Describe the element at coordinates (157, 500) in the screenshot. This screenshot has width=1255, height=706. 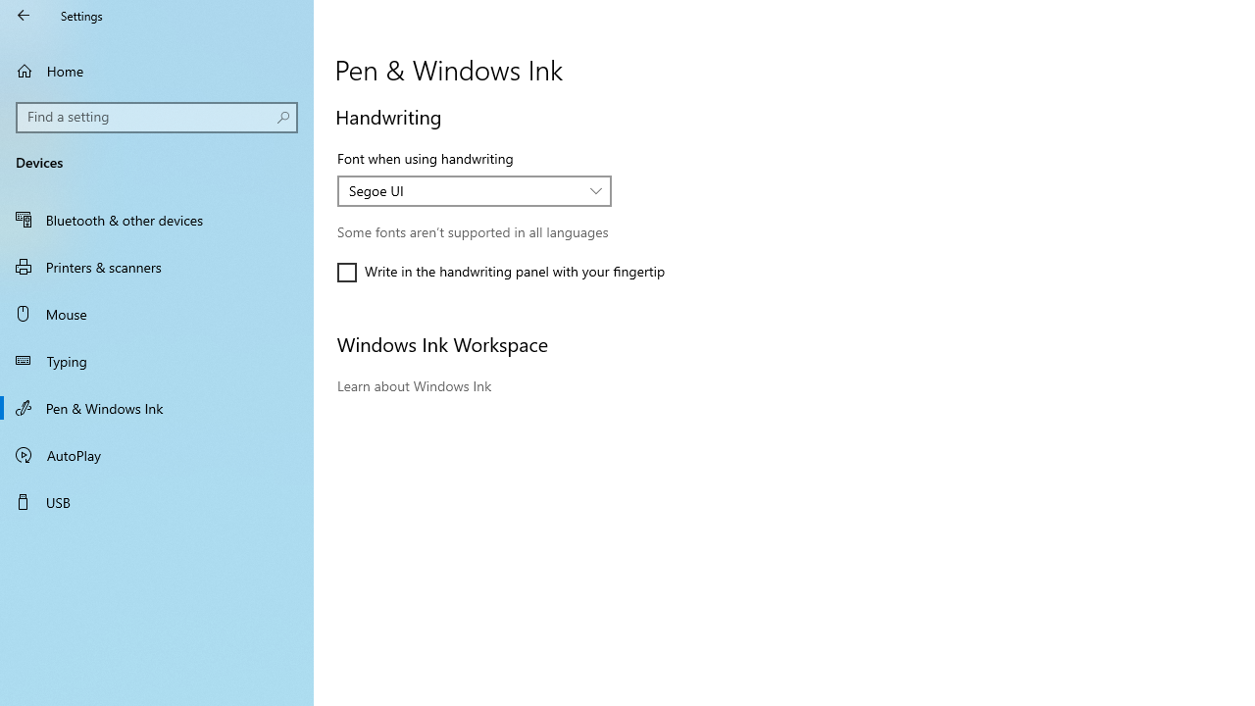
I see `'USB'` at that location.